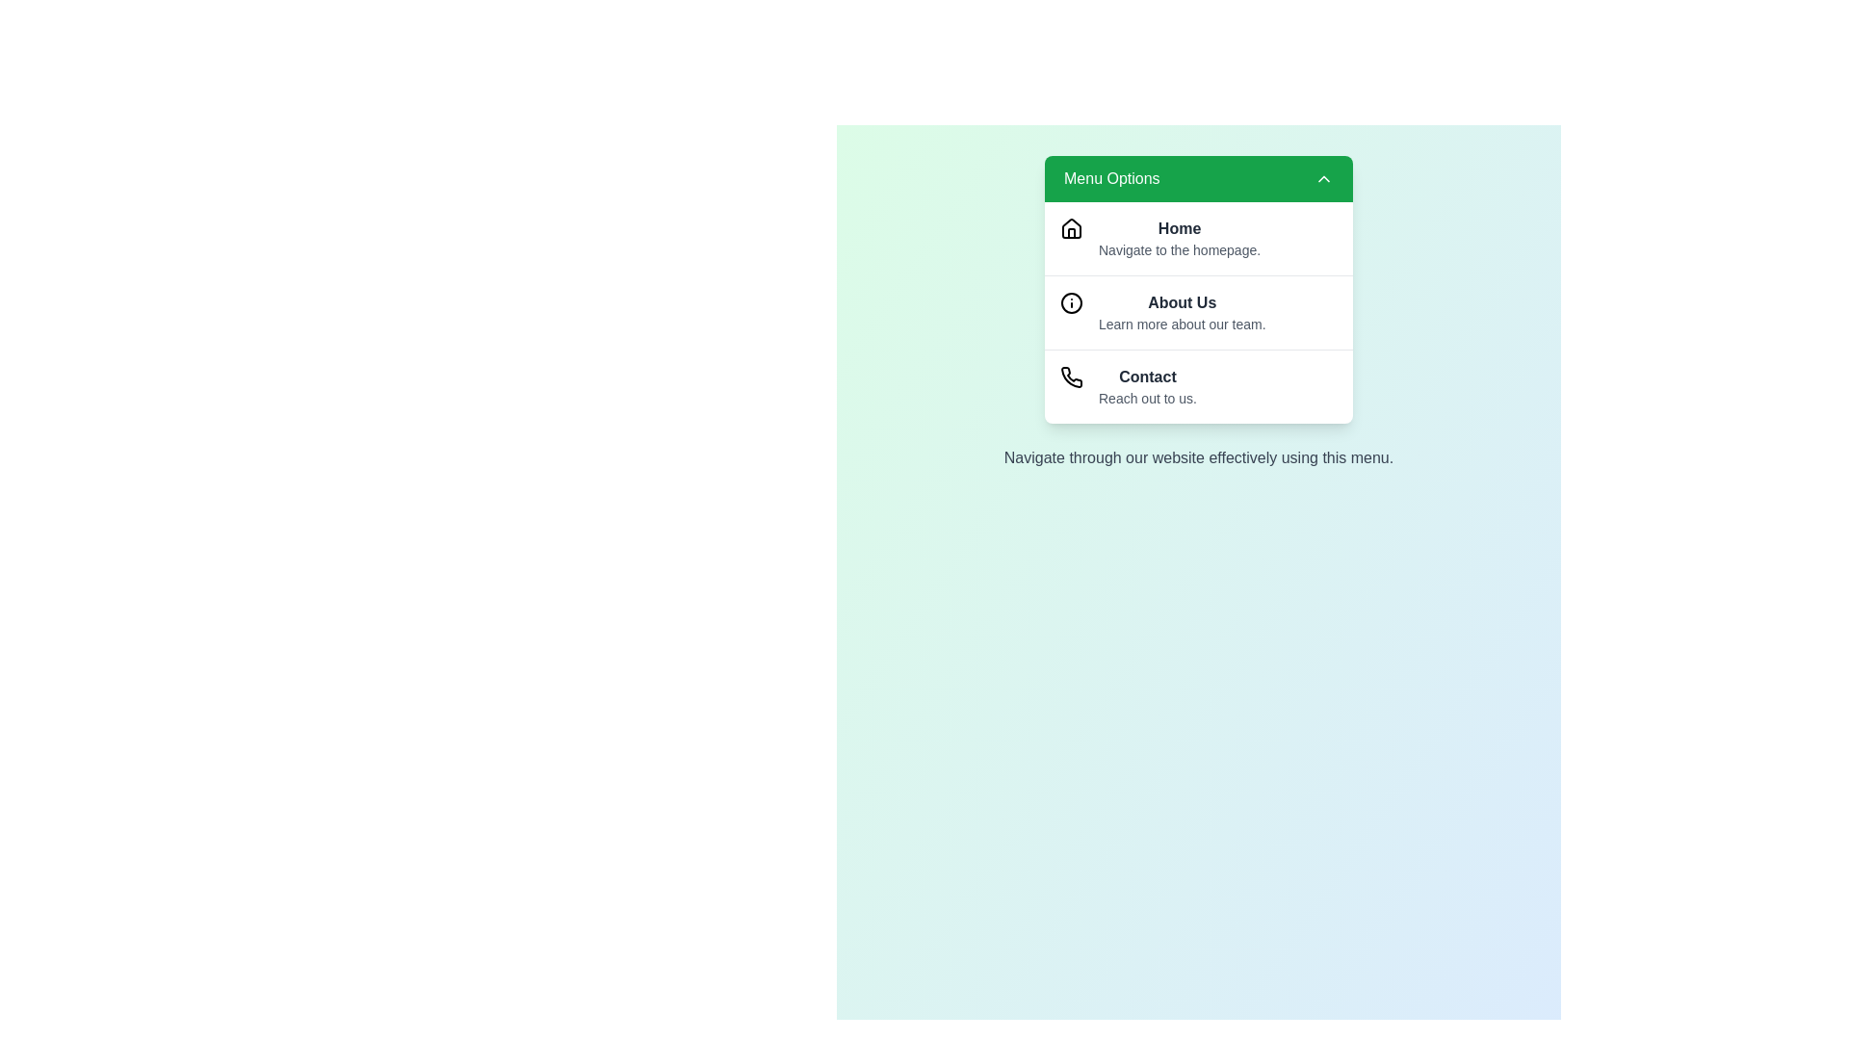  I want to click on the descriptive text under the menu option About Us, so click(1181, 323).